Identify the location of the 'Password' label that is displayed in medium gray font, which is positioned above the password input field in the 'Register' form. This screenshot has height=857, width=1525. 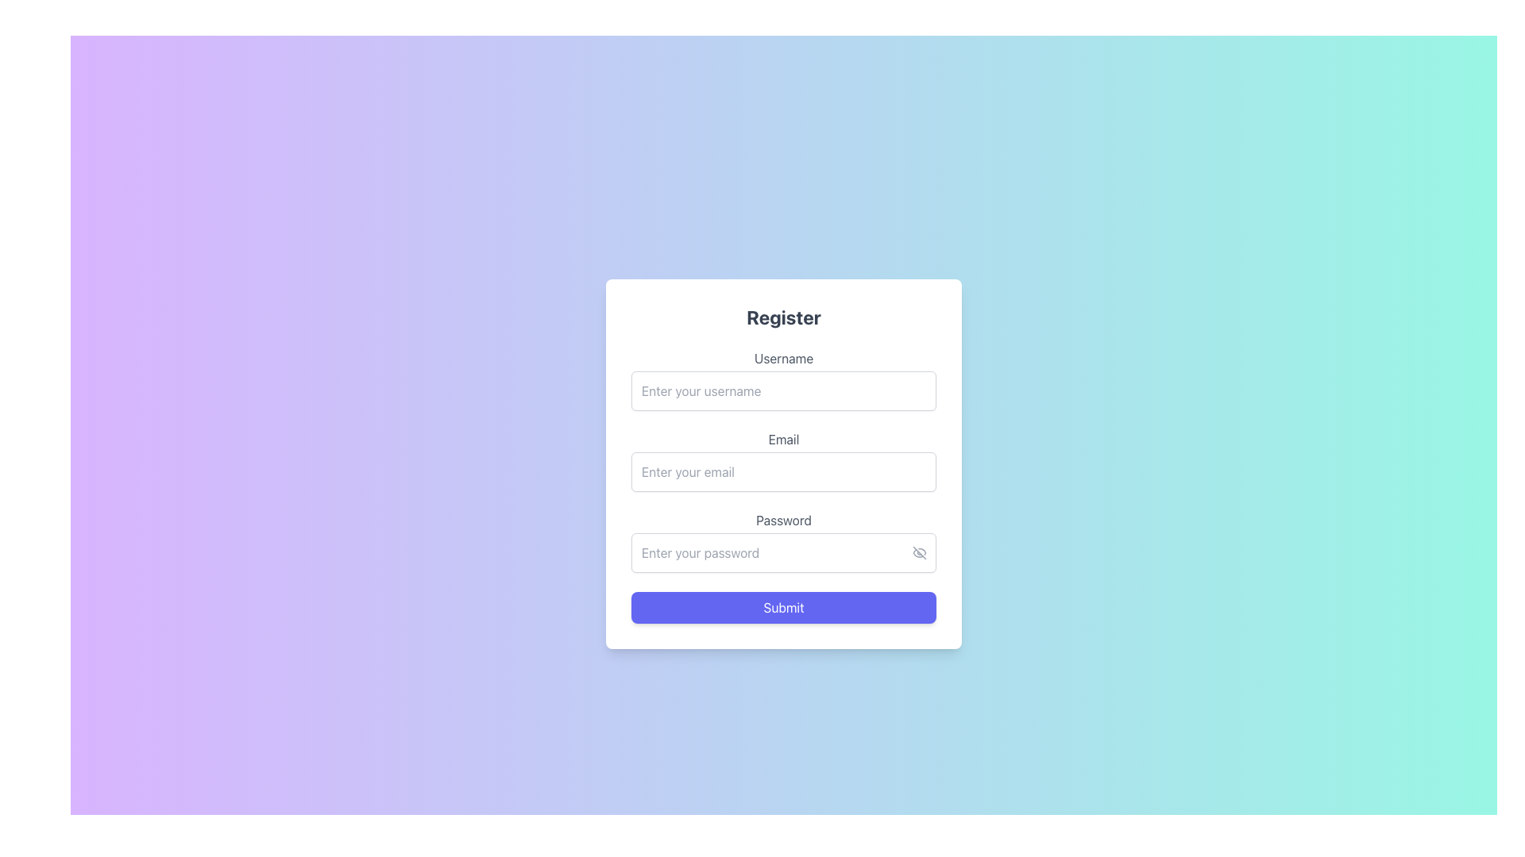
(784, 520).